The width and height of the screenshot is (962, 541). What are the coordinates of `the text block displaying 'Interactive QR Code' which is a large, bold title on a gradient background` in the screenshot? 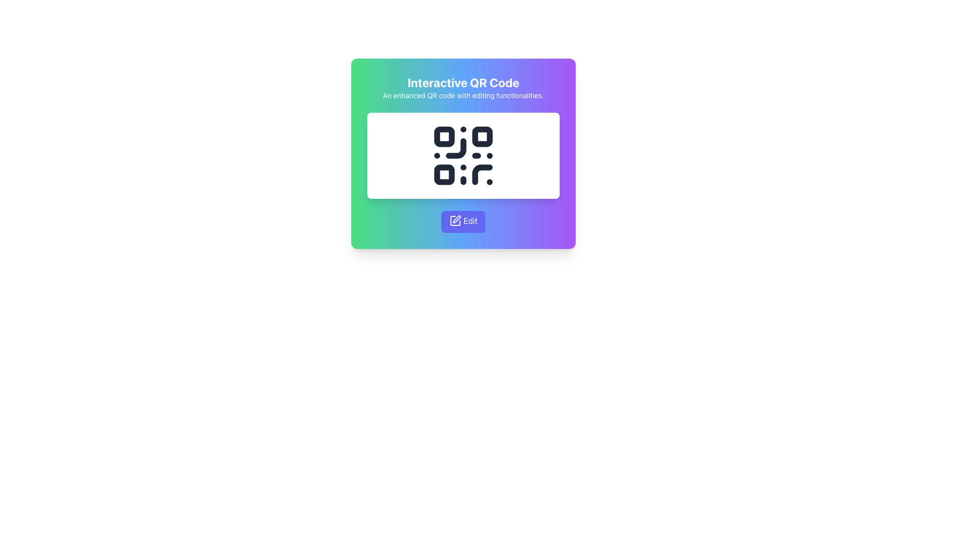 It's located at (463, 87).